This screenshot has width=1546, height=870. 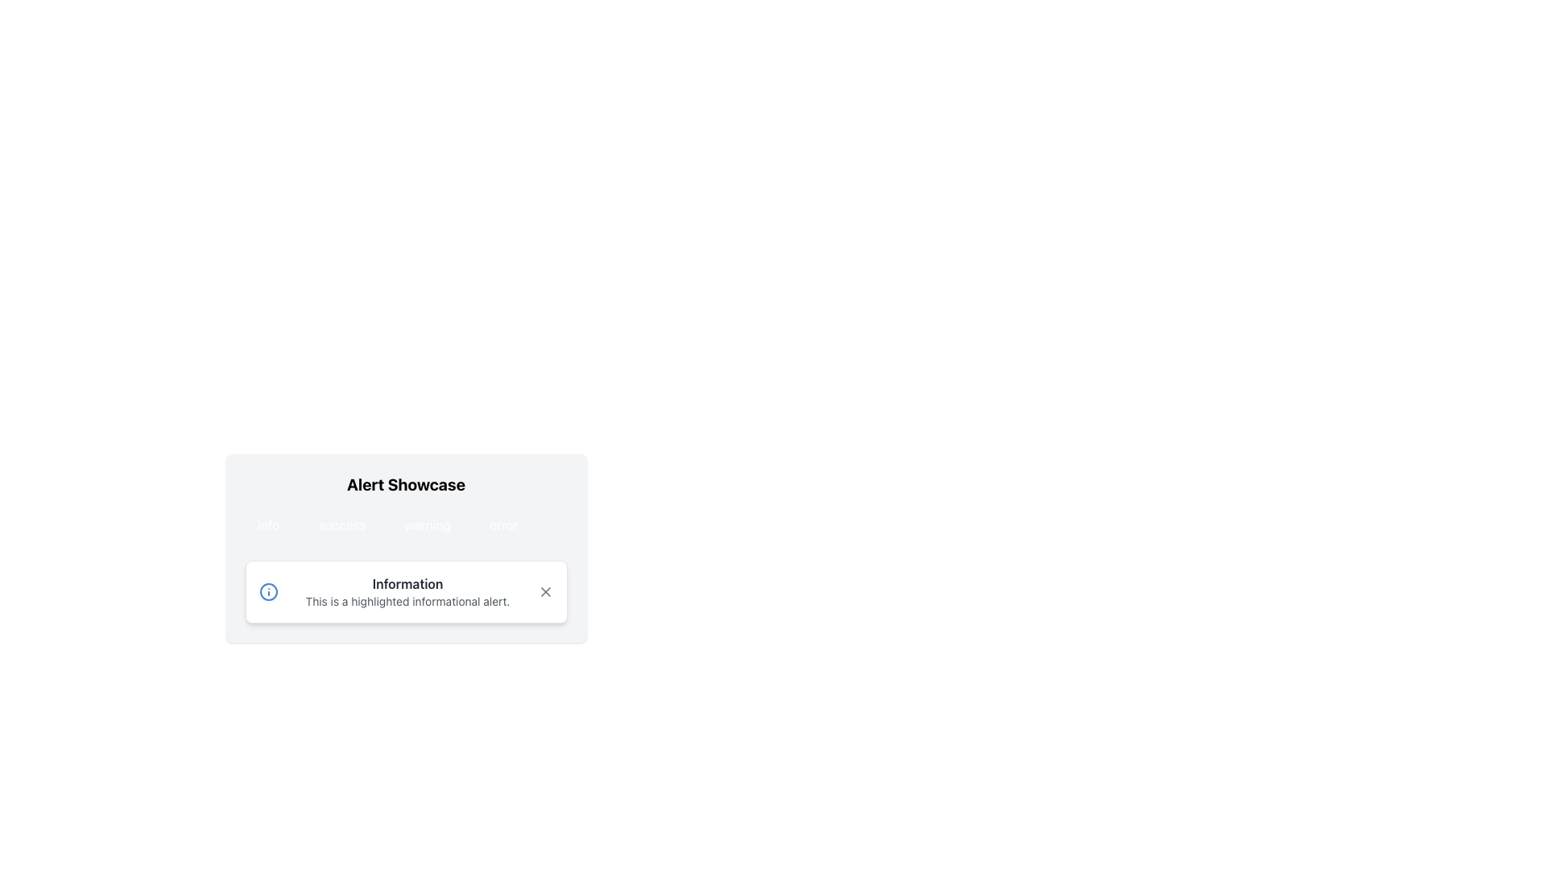 I want to click on the blue 'info' button with rounded corners located at the top left of the button row, so click(x=268, y=524).